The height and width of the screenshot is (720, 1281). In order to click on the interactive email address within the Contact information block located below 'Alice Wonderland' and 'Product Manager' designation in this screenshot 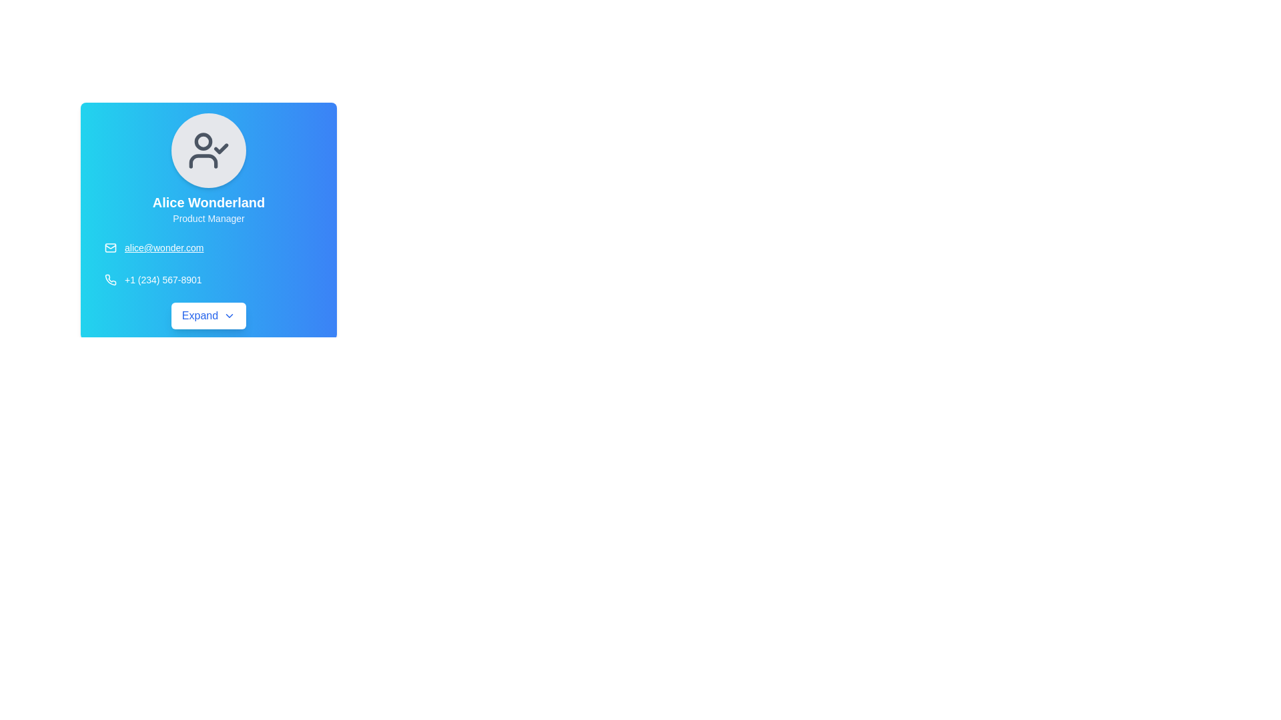, I will do `click(207, 264)`.